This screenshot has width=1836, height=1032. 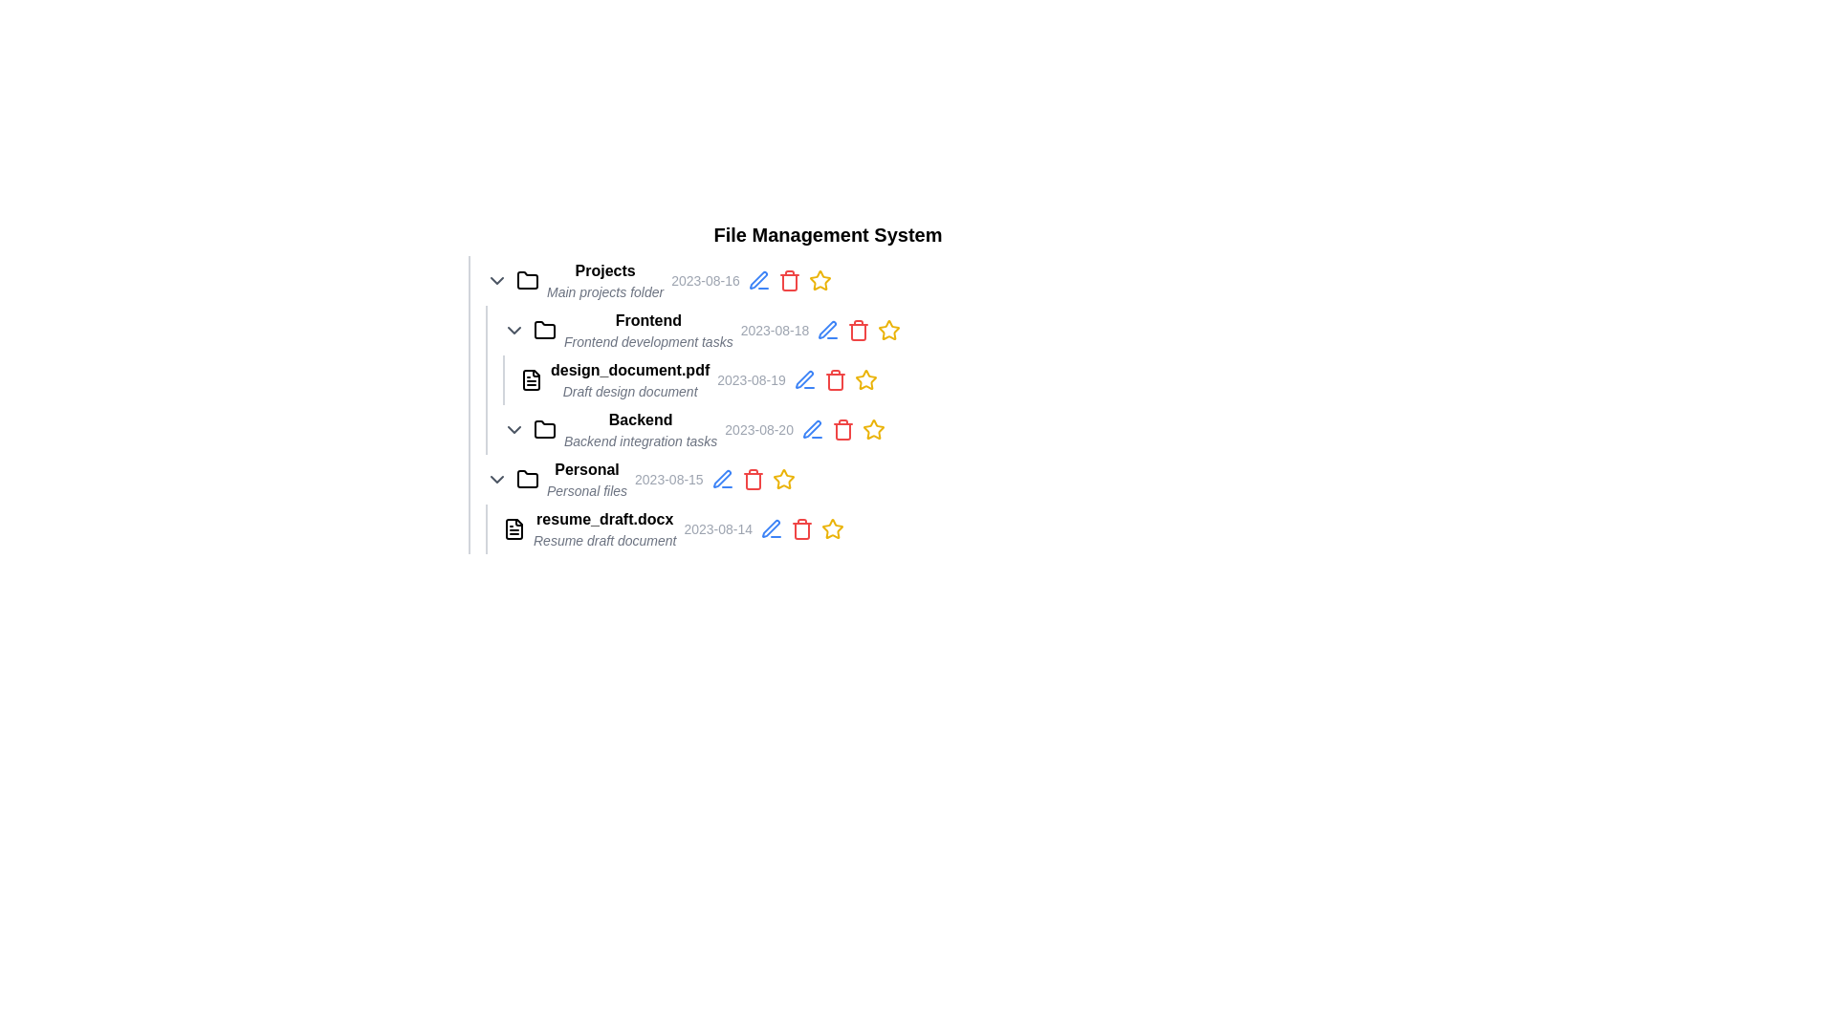 I want to click on the yellow star icon button, which is located to the right of the 'resume_draft.docx' text, so click(x=833, y=529).